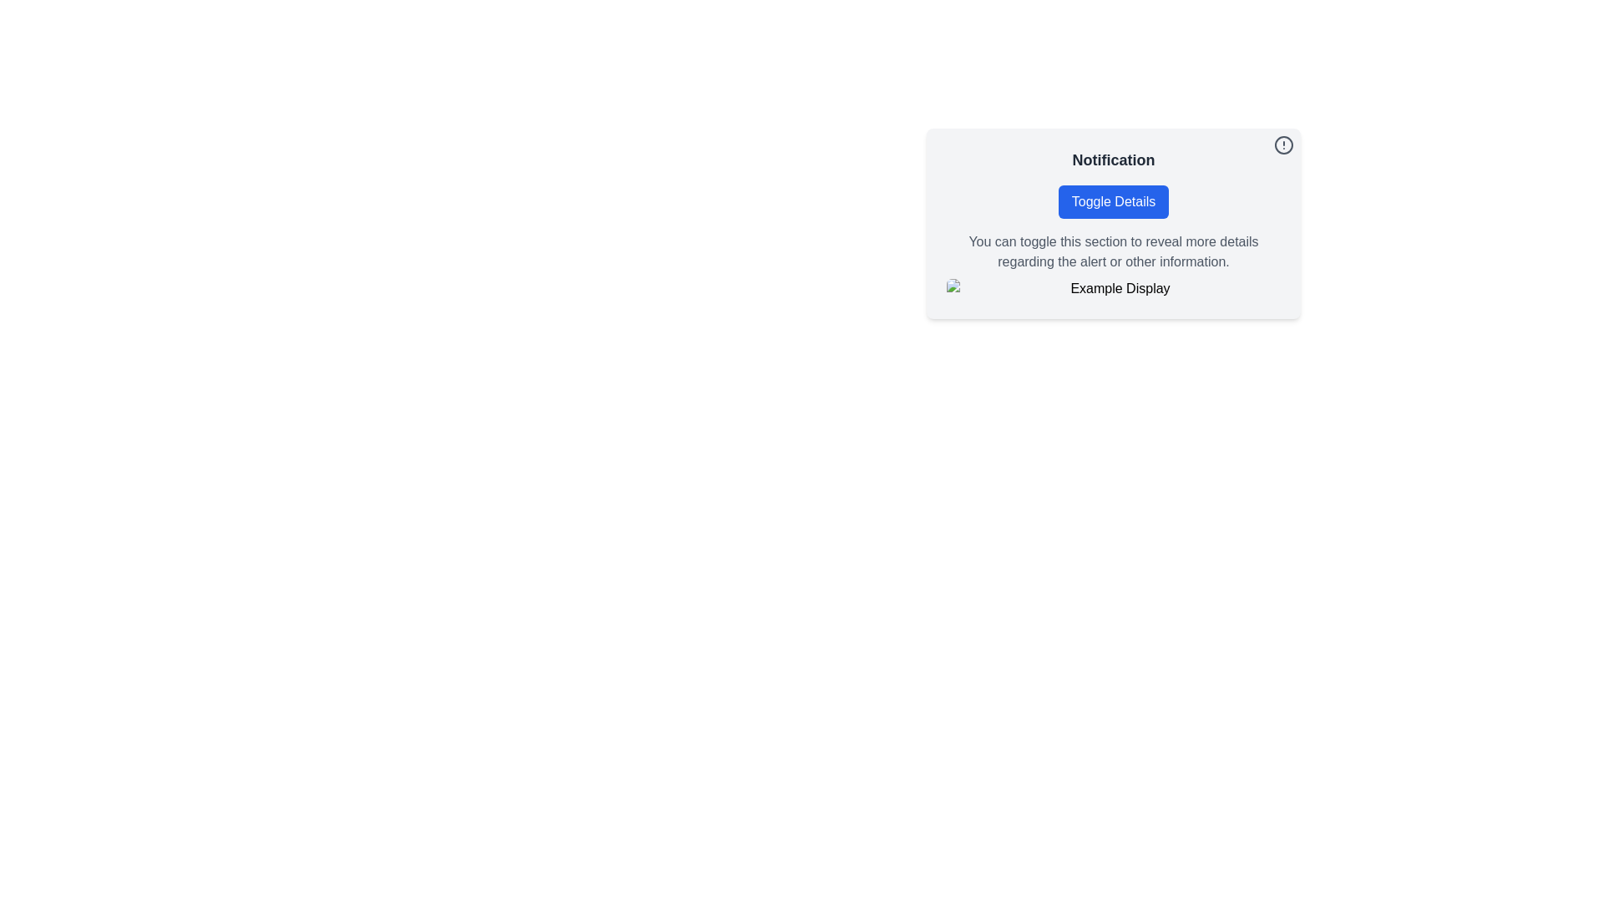  What do you see at coordinates (1114, 160) in the screenshot?
I see `text content of the 'Notification' text label element, which is prominently displayed at the top of its section, above the 'Toggle Details' button and to the left of a circular icon` at bounding box center [1114, 160].